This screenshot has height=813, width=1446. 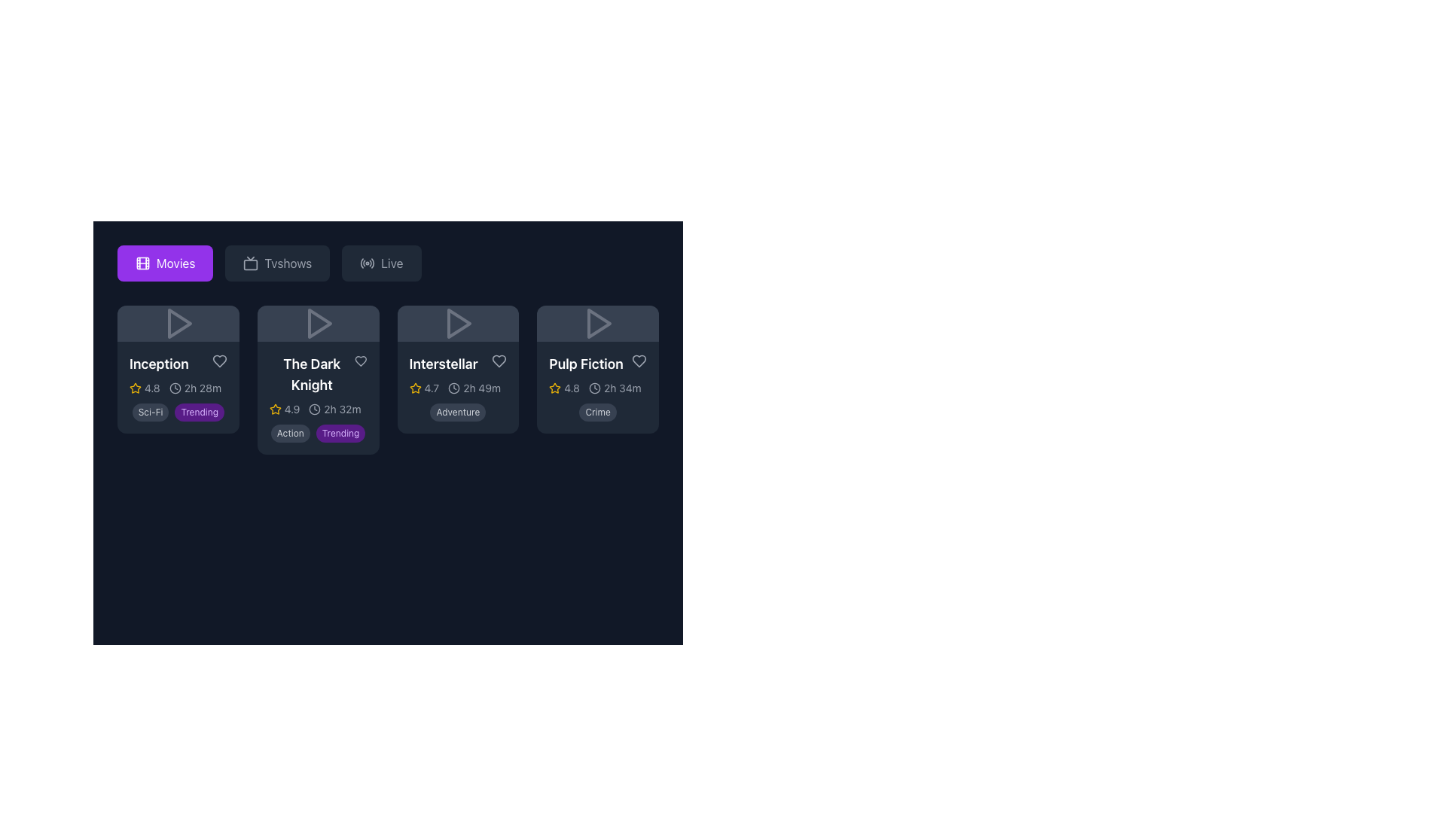 What do you see at coordinates (499, 361) in the screenshot?
I see `the inactive gray heart-shaped icon located at the top-right of the 'Interstellar' media card` at bounding box center [499, 361].